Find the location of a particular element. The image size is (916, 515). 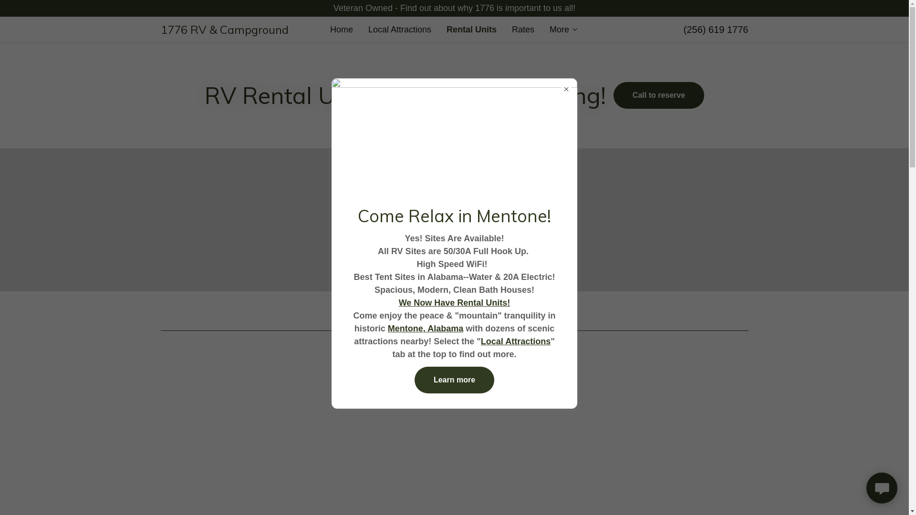

'More' is located at coordinates (564, 29).